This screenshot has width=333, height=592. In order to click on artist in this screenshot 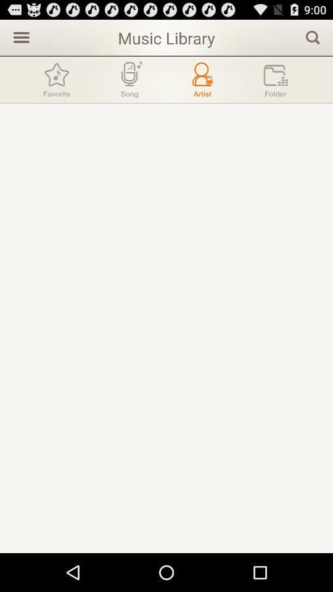, I will do `click(202, 79)`.